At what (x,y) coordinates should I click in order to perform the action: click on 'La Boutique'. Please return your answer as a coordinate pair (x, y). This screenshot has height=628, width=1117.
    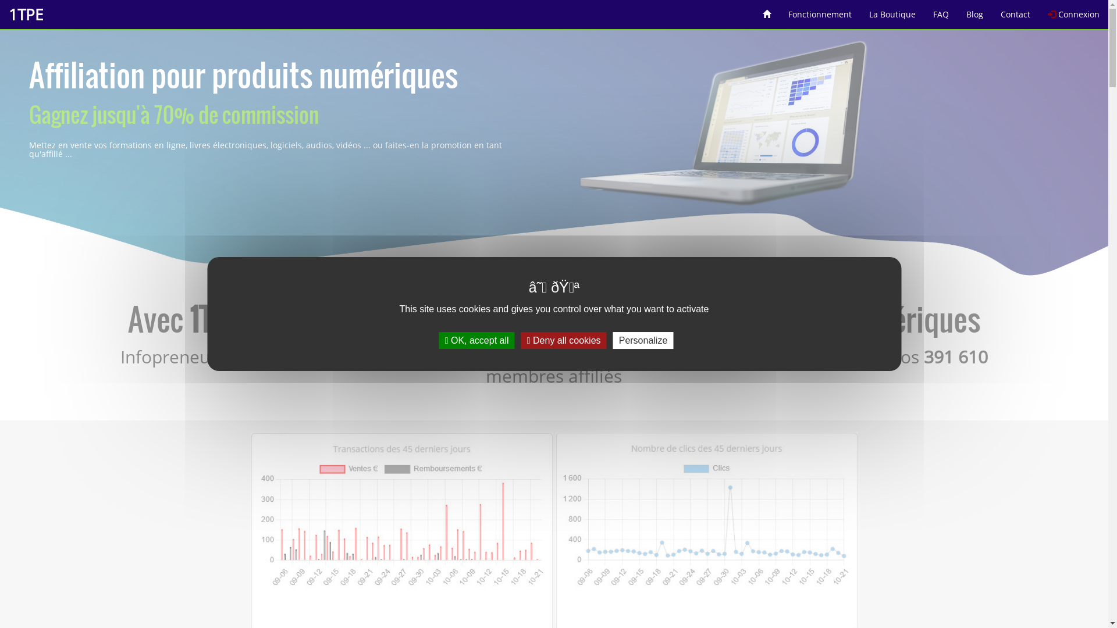
    Looking at the image, I should click on (892, 10).